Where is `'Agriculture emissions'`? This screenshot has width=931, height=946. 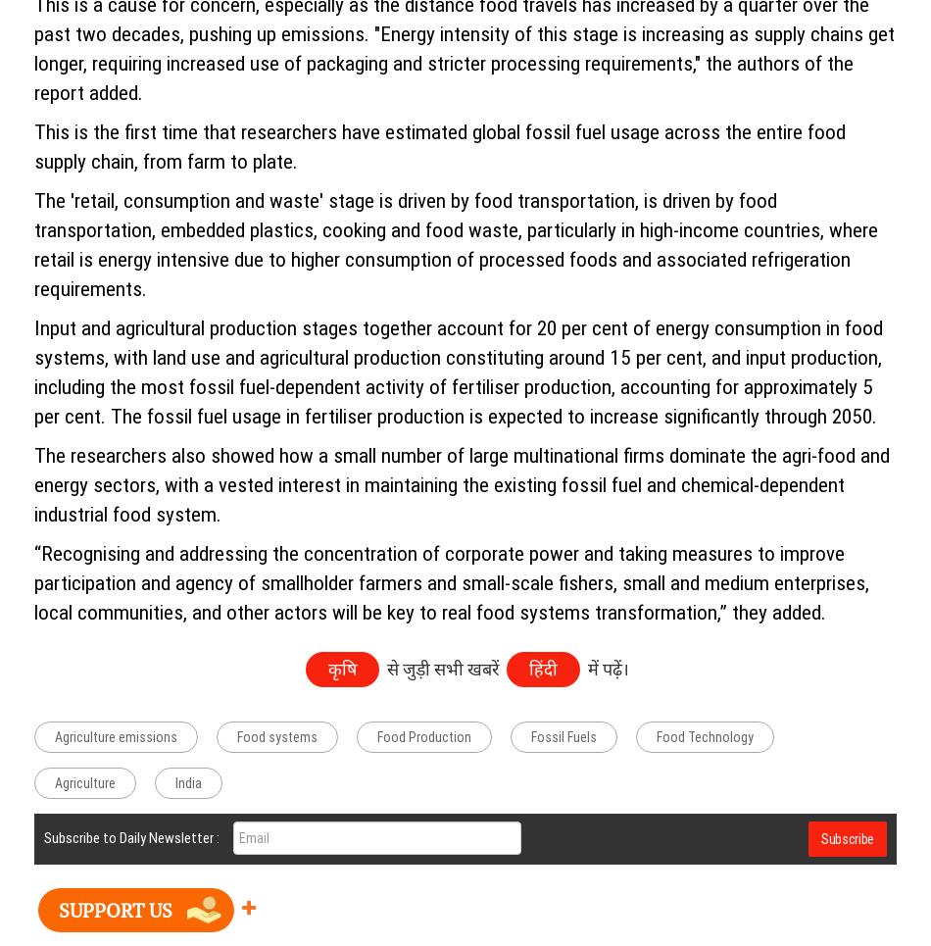 'Agriculture emissions' is located at coordinates (116, 736).